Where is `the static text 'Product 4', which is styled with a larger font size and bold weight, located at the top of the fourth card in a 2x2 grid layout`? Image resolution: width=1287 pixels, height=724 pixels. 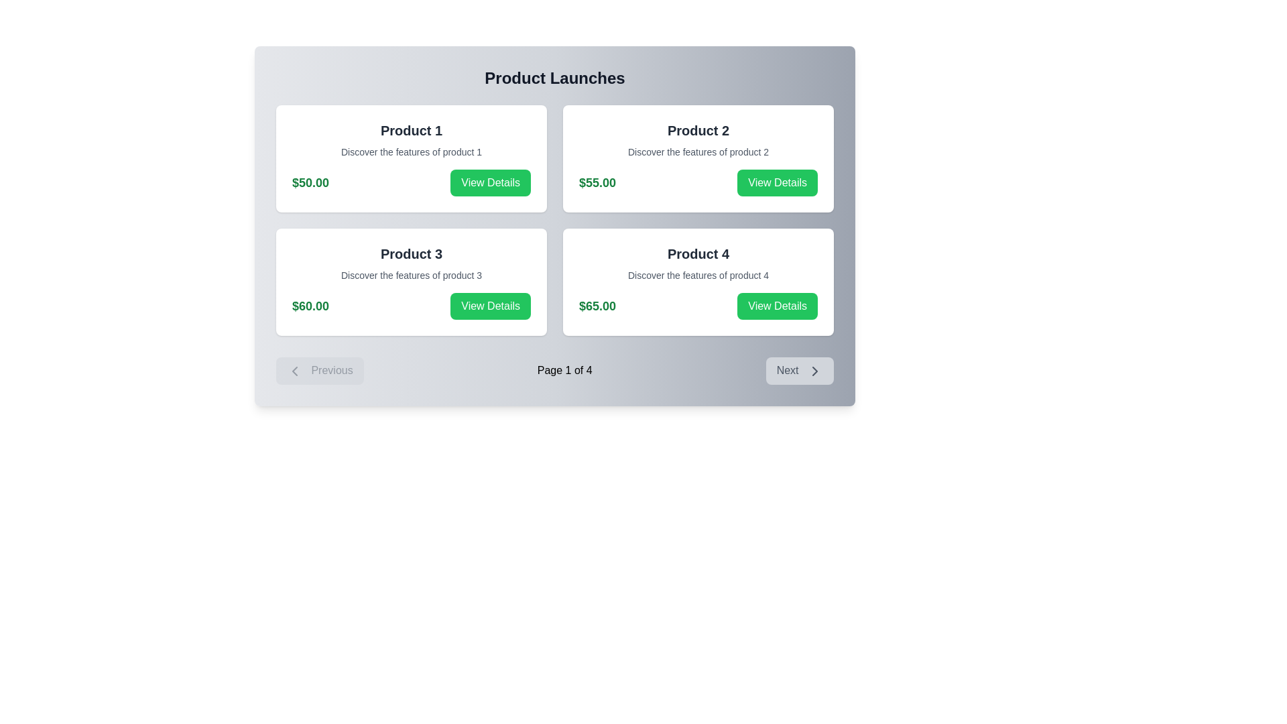
the static text 'Product 4', which is styled with a larger font size and bold weight, located at the top of the fourth card in a 2x2 grid layout is located at coordinates (697, 253).